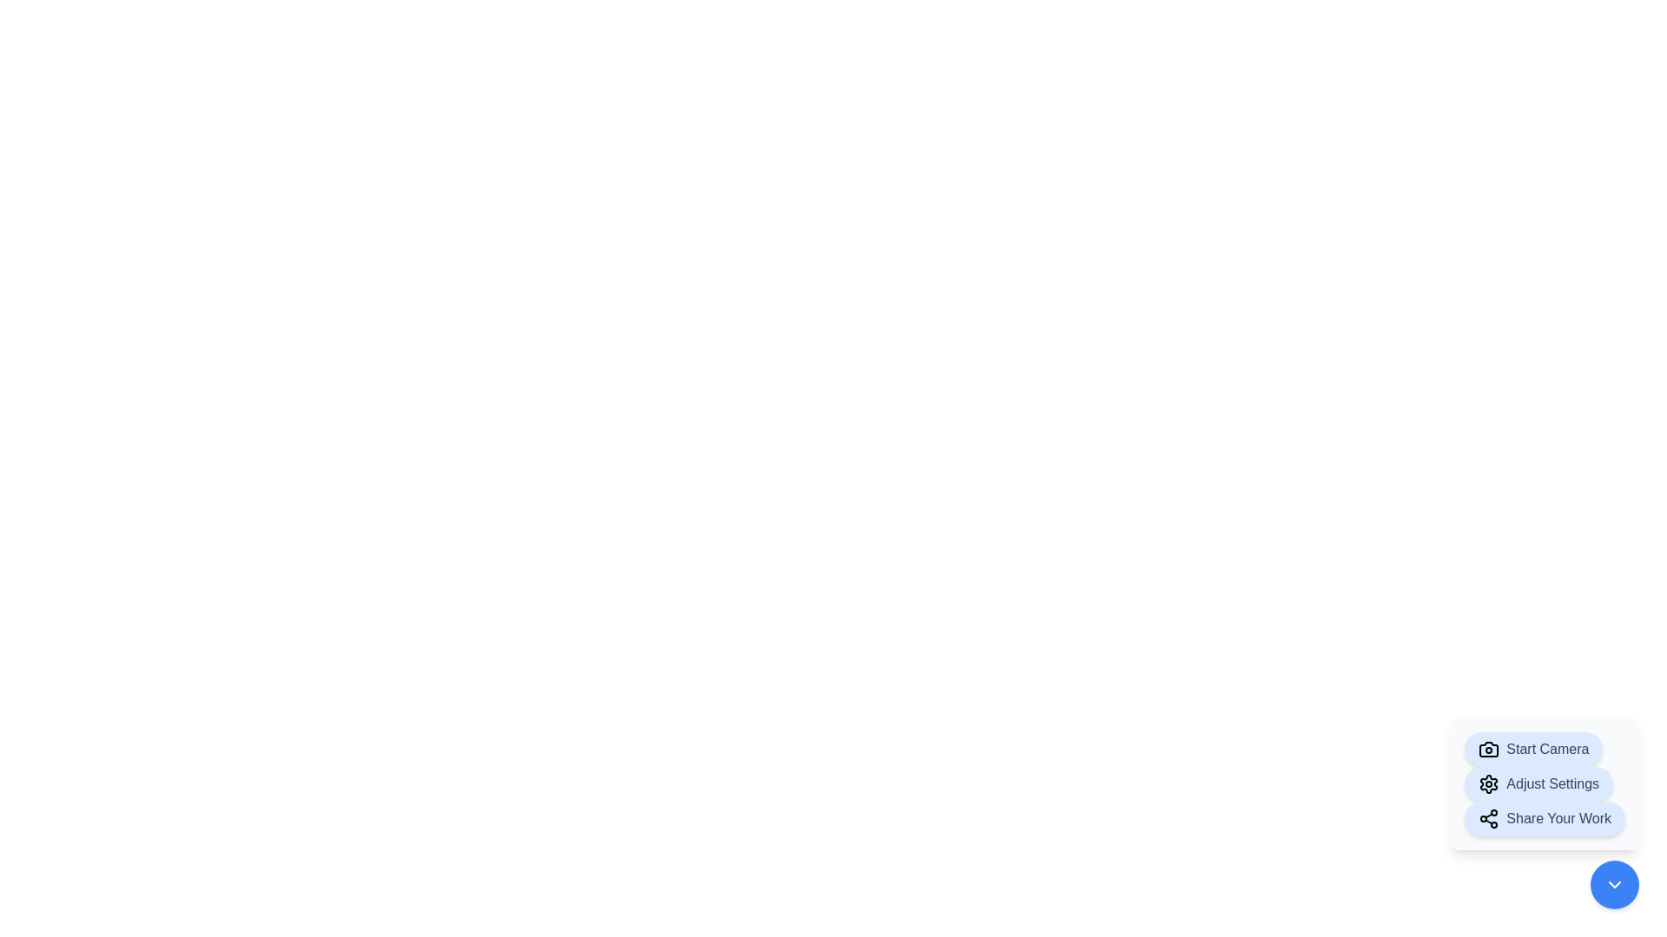 The height and width of the screenshot is (937, 1667). Describe the element at coordinates (1488, 749) in the screenshot. I see `the camera icon representing the body and lens area located next to the 'Start Camera' label in the floating action menu at the bottom-right corner` at that location.